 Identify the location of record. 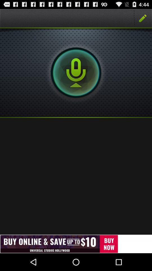
(76, 72).